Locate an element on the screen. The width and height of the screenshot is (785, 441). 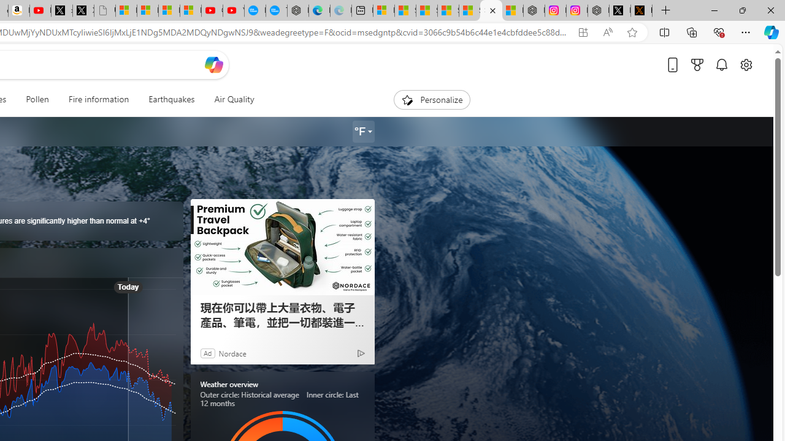
'Nordace (@NordaceOfficial) / X' is located at coordinates (620, 10).